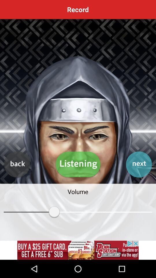 This screenshot has width=156, height=278. Describe the element at coordinates (78, 164) in the screenshot. I see `audio option` at that location.